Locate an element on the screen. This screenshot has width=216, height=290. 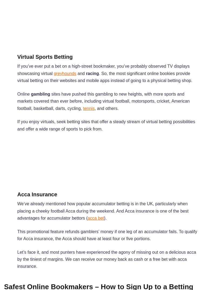
'acca bet' is located at coordinates (87, 218).